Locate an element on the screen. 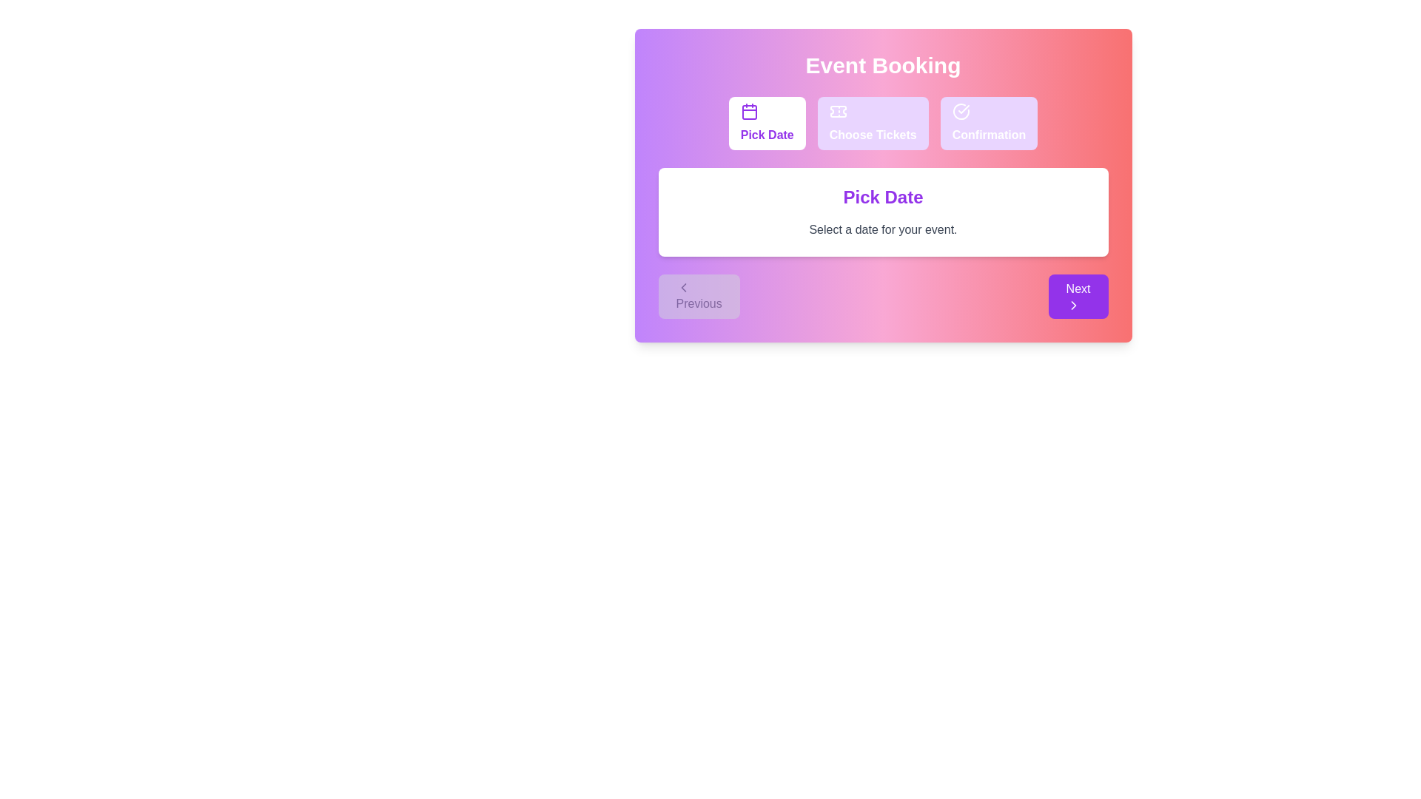 The image size is (1421, 799). the 'Next' button icon located at the bottom-right corner of the colored interface box is located at coordinates (1073, 304).